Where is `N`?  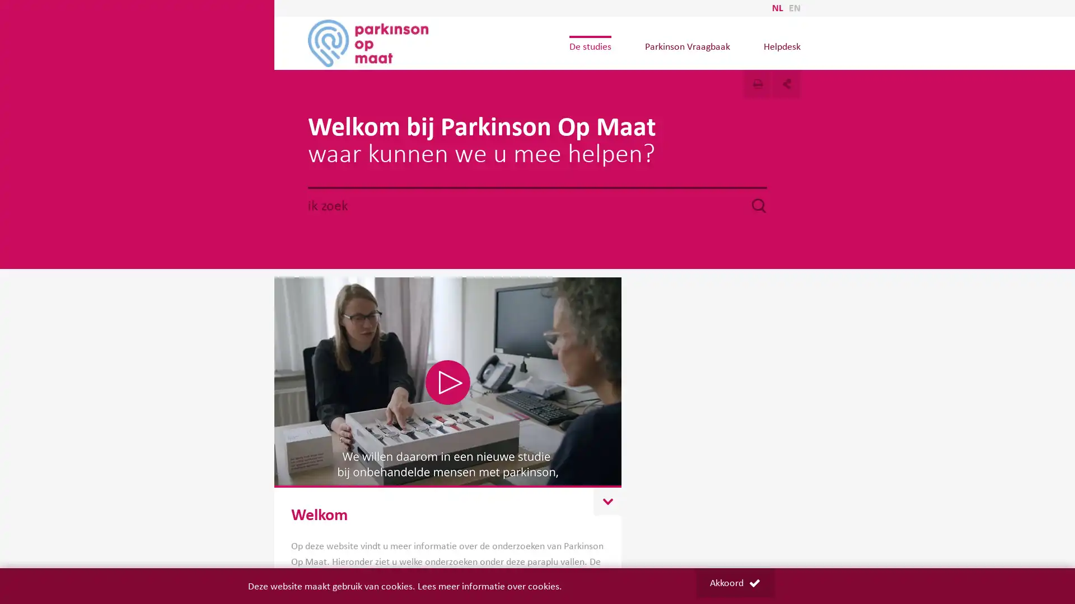
N is located at coordinates (448, 381).